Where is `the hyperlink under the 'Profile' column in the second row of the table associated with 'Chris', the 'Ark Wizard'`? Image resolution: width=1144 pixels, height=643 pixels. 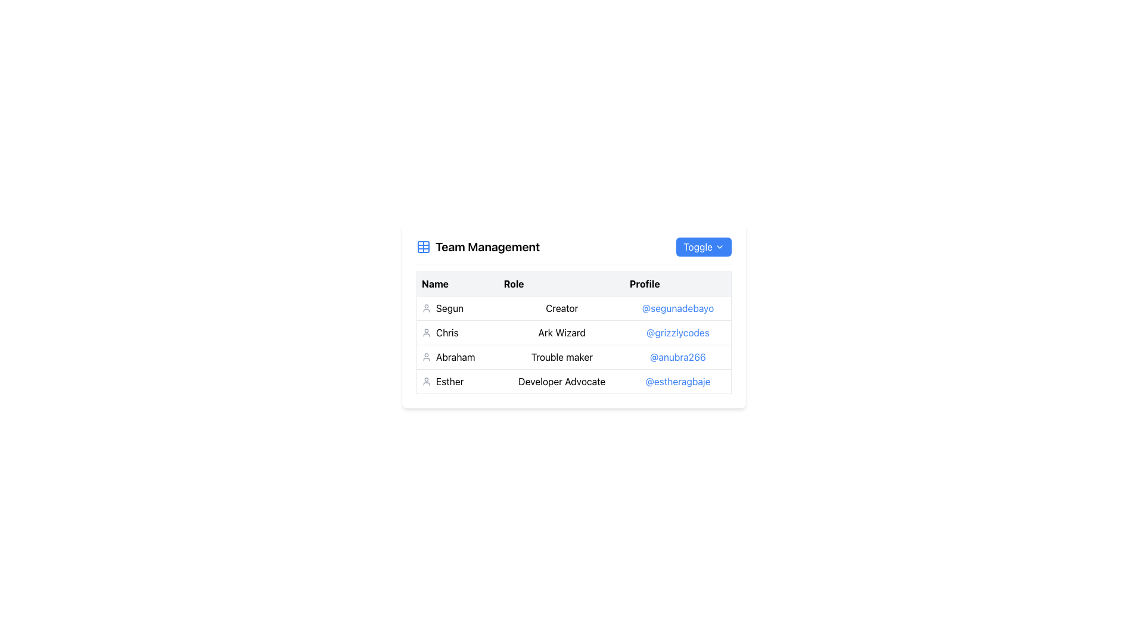 the hyperlink under the 'Profile' column in the second row of the table associated with 'Chris', the 'Ark Wizard' is located at coordinates (677, 333).